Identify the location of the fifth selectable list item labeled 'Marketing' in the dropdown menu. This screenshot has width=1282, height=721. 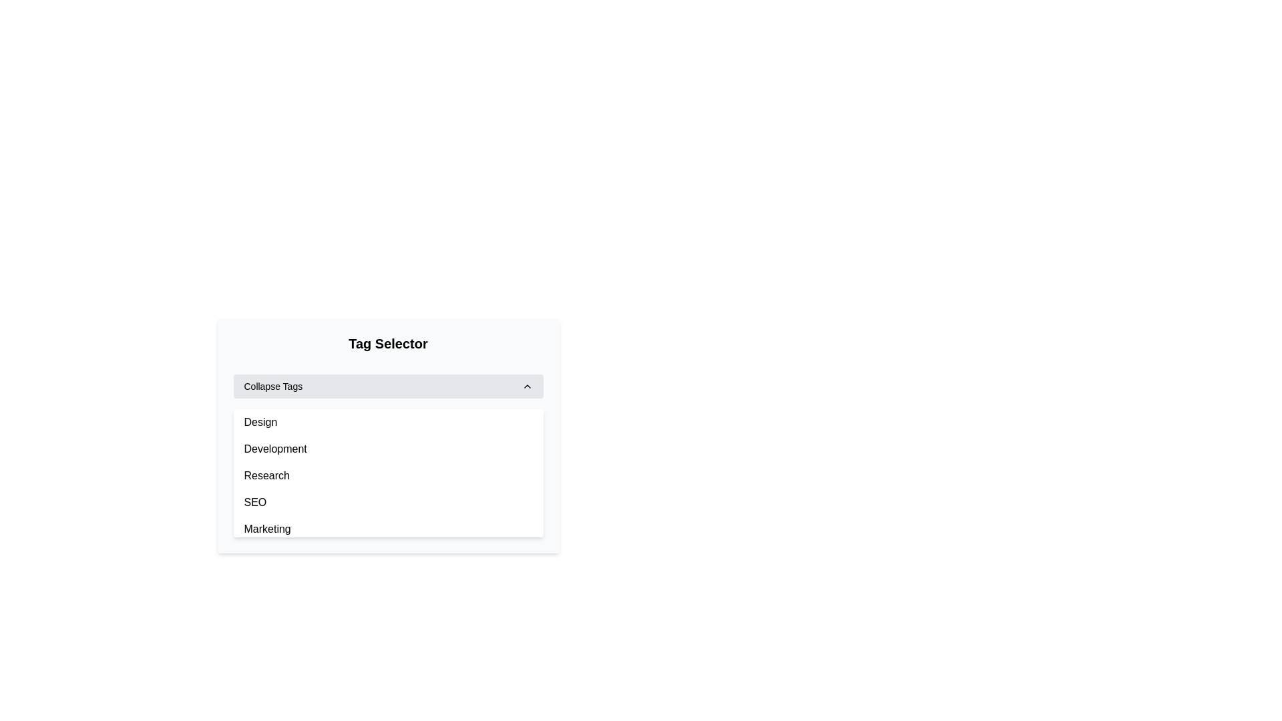
(387, 529).